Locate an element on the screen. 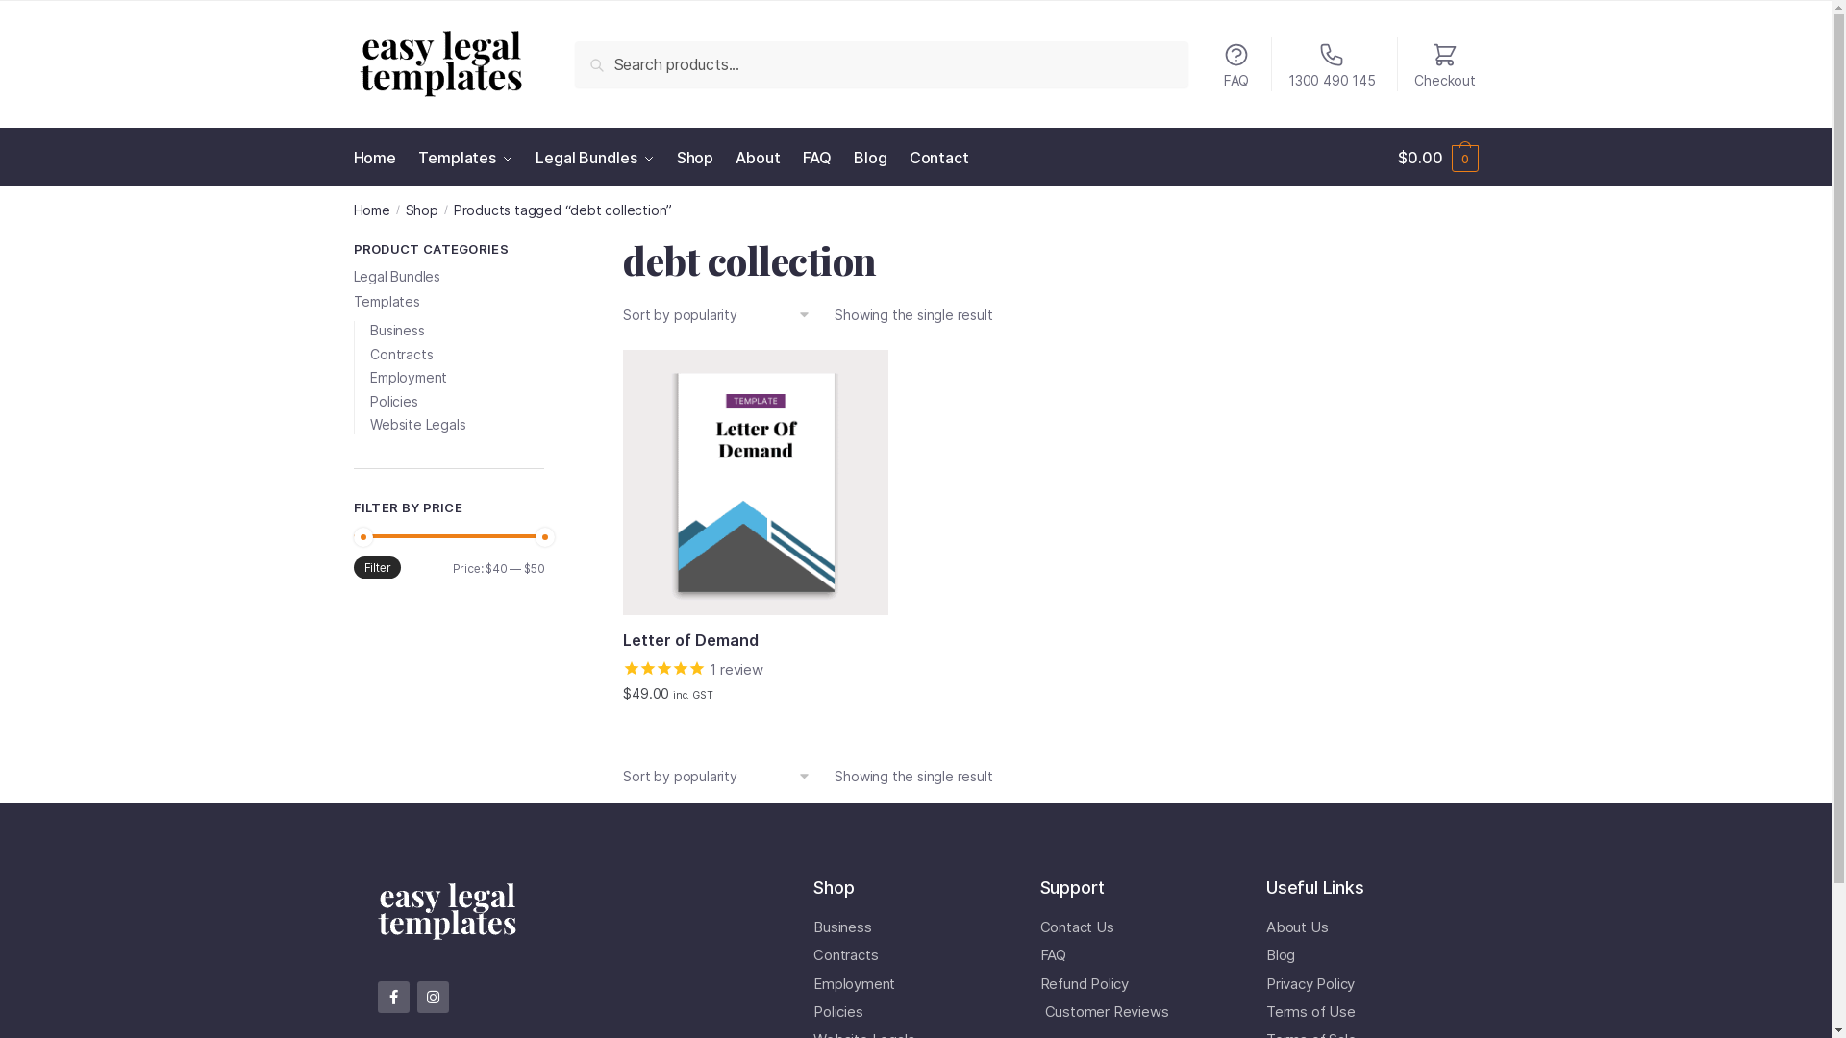  'Filter' is located at coordinates (378, 566).